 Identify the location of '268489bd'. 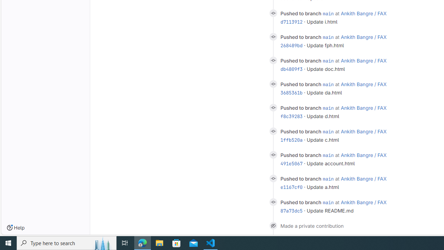
(291, 45).